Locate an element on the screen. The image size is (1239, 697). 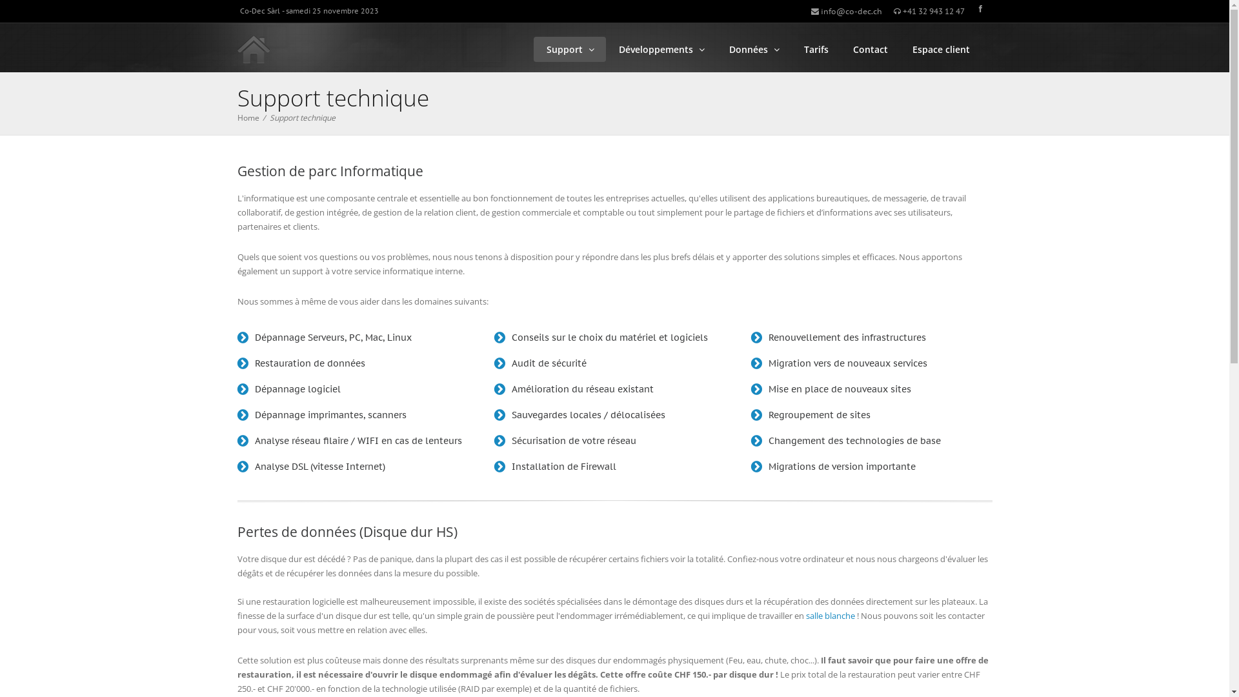
'Contact' is located at coordinates (870, 48).